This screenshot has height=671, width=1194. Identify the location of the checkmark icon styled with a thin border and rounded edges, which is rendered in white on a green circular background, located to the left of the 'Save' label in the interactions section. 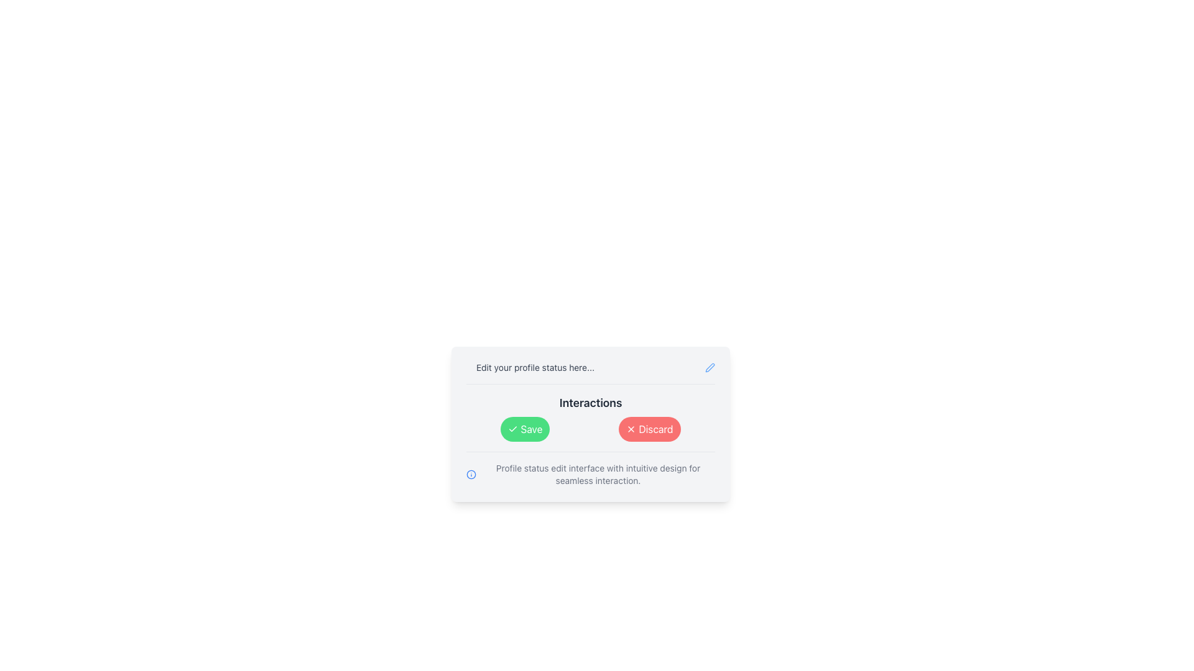
(513, 428).